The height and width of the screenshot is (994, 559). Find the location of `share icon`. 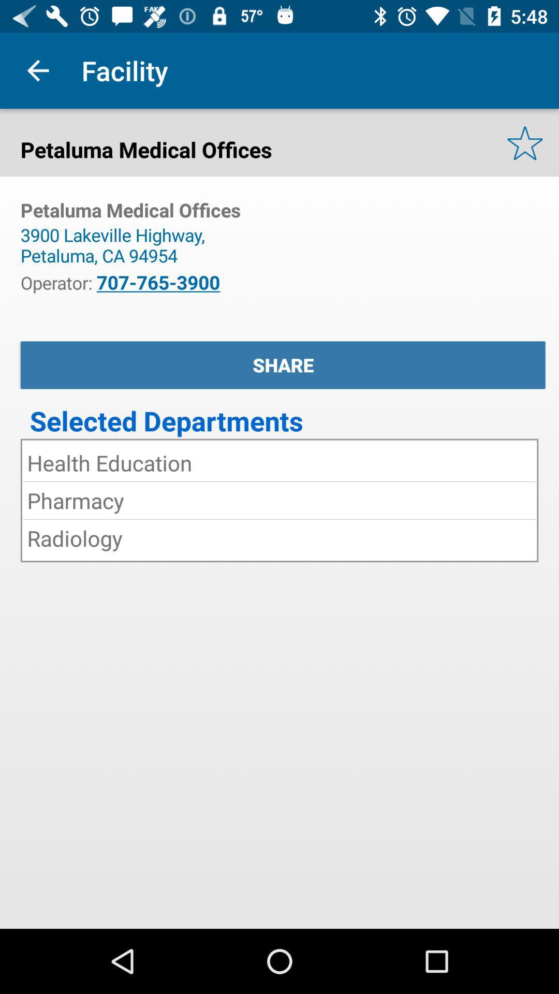

share icon is located at coordinates (283, 365).